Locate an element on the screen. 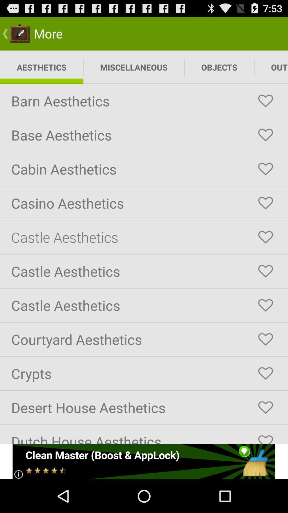  cabinaesthetics is located at coordinates (265, 169).